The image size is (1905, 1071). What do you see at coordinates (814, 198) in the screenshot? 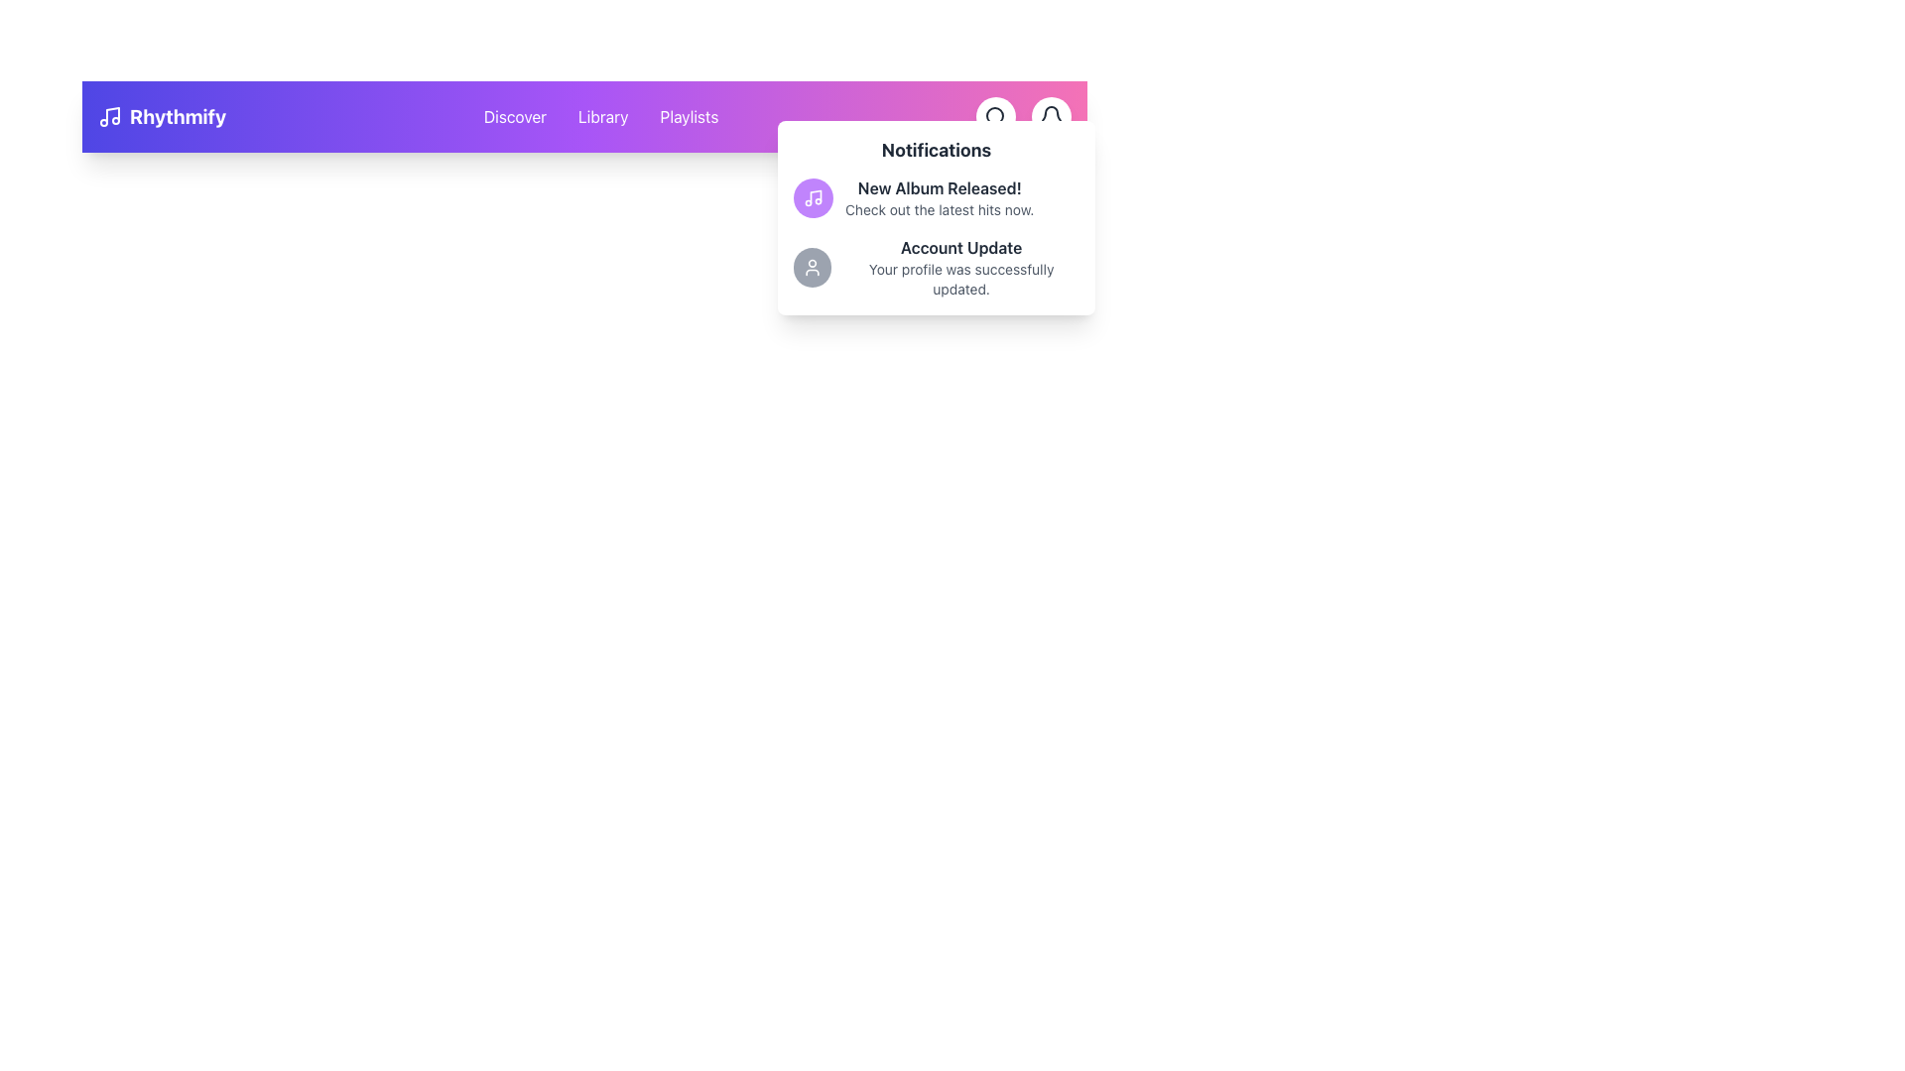
I see `the music notification icon located at the top-left corner of the notification box announcing 'New Album Released!'` at bounding box center [814, 198].